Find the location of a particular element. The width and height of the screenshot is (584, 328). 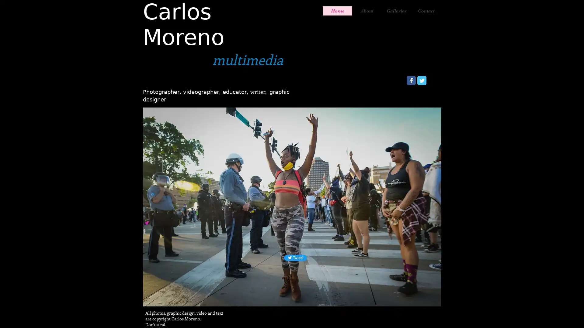

play is located at coordinates (435, 295).